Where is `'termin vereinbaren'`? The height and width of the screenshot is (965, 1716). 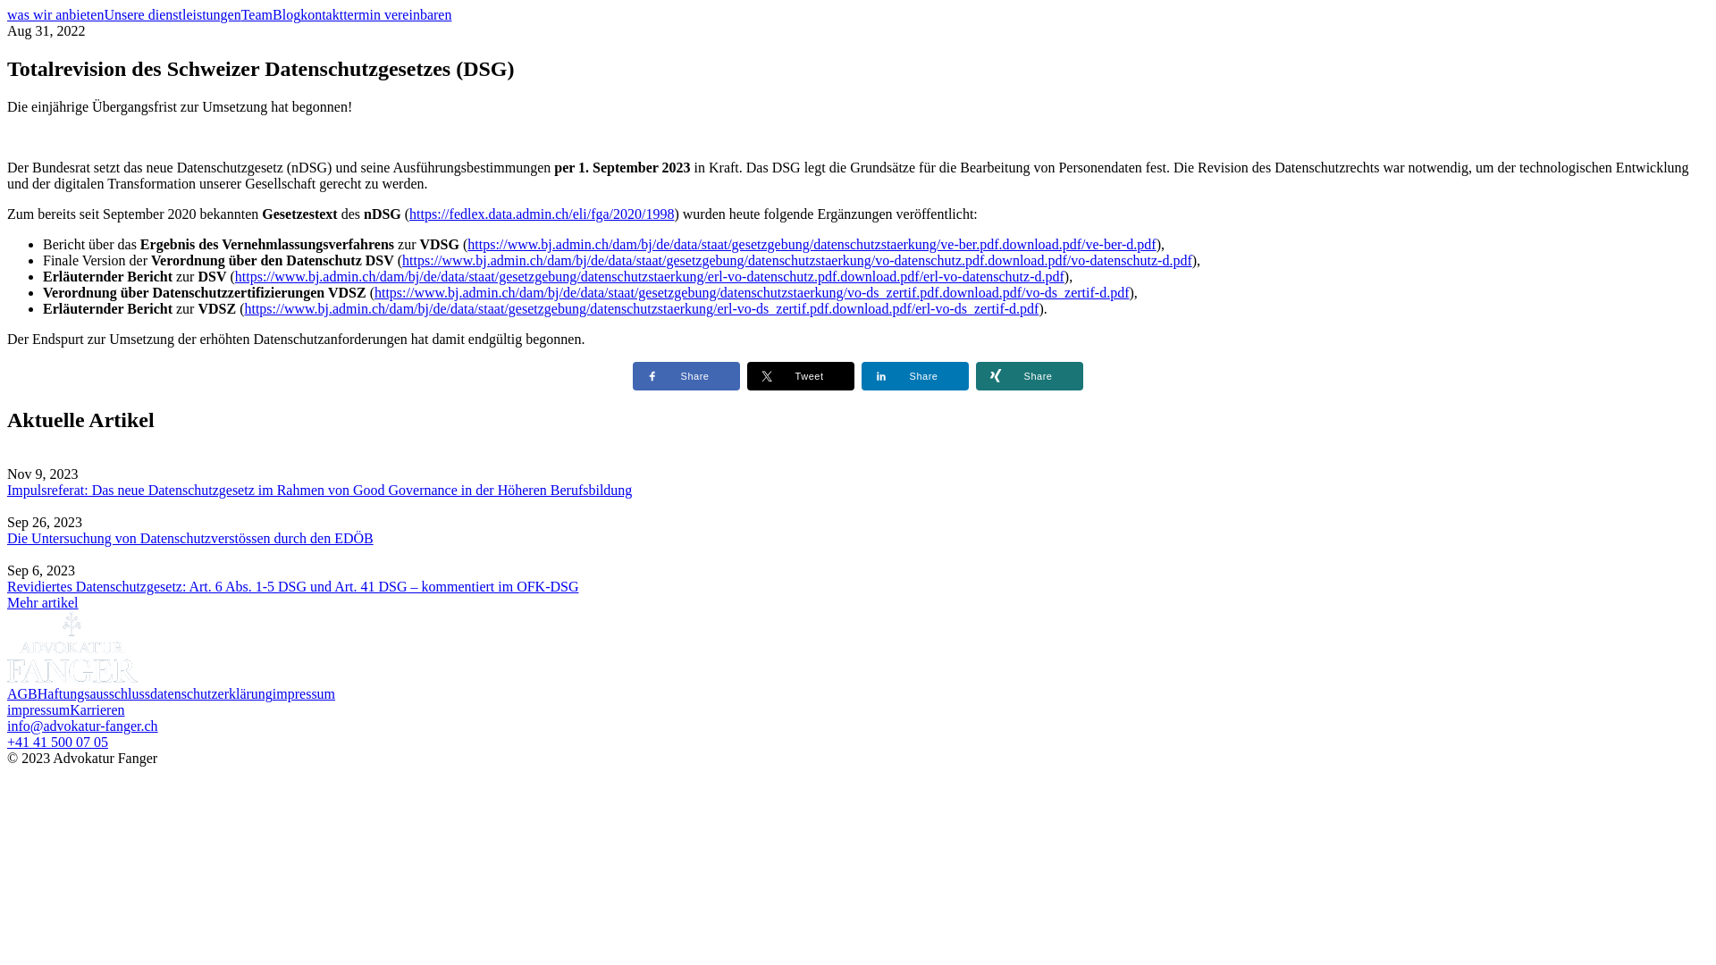 'termin vereinbaren' is located at coordinates (396, 14).